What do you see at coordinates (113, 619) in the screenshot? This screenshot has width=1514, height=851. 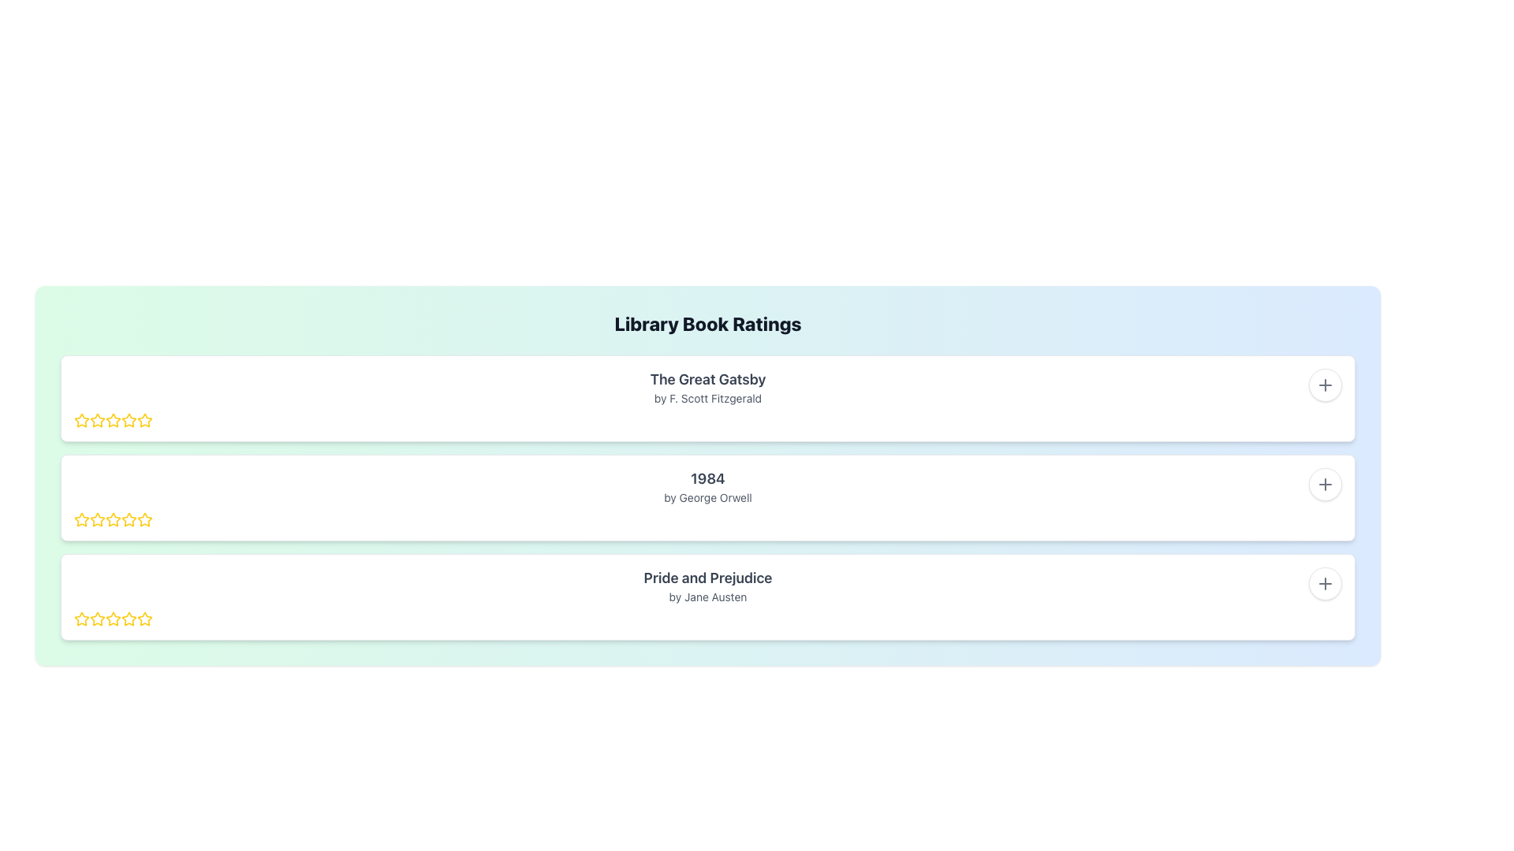 I see `the third star icon in the five-star rating system for the book 'Pride and Prejudice' located at the bottom part of the interface` at bounding box center [113, 619].